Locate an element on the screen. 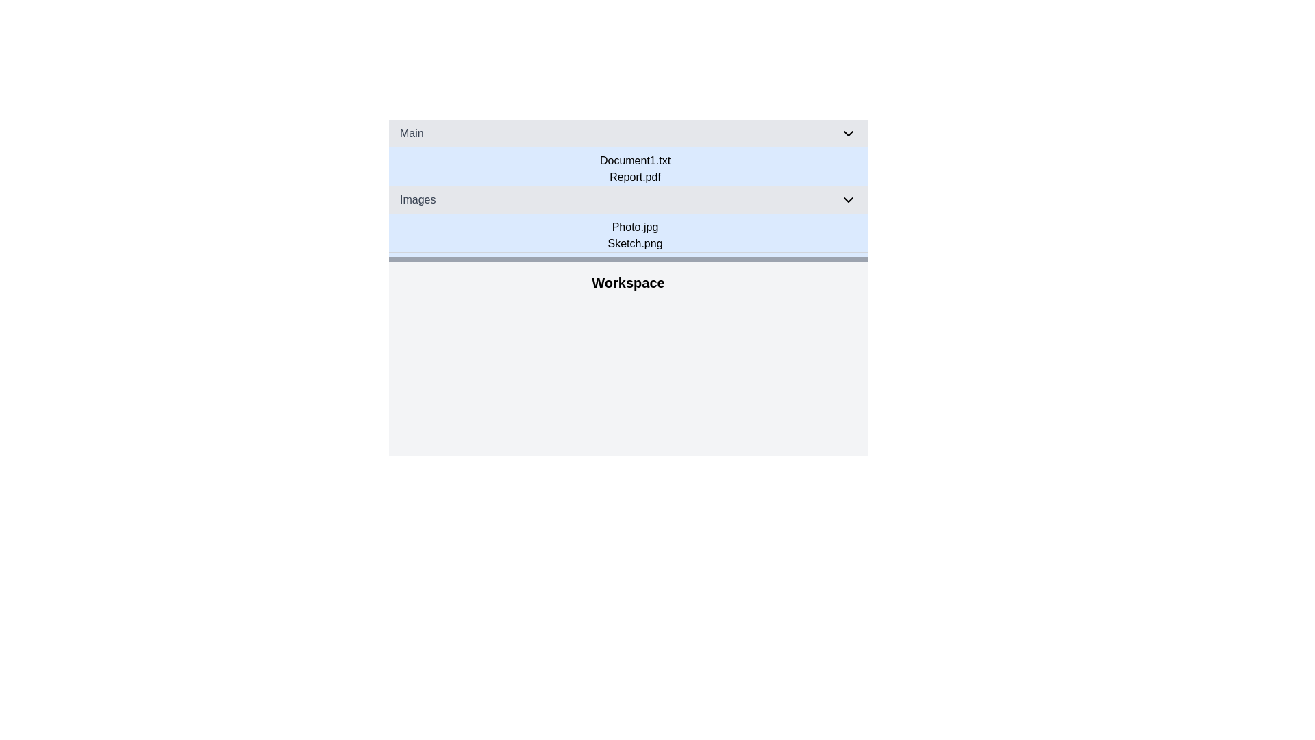 The width and height of the screenshot is (1315, 740). the Resize handle located just below 'Photo.jpg' and 'Sketch.png' is located at coordinates (627, 259).